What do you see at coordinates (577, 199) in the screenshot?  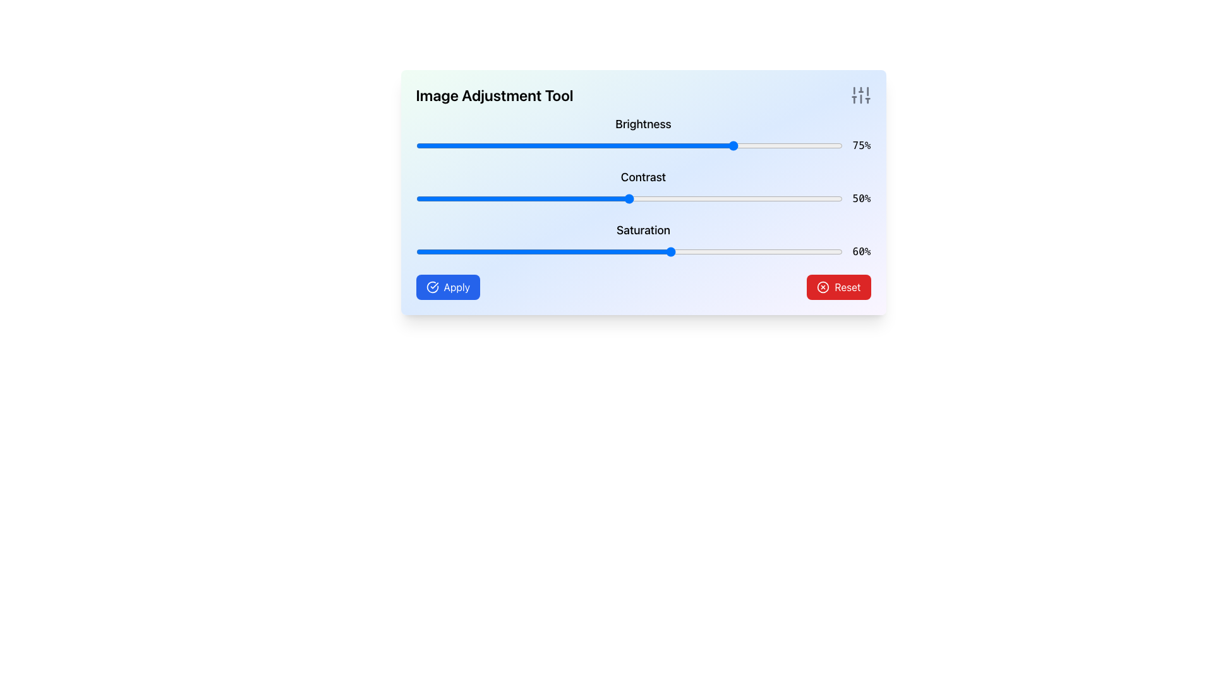 I see `the contrast value` at bounding box center [577, 199].